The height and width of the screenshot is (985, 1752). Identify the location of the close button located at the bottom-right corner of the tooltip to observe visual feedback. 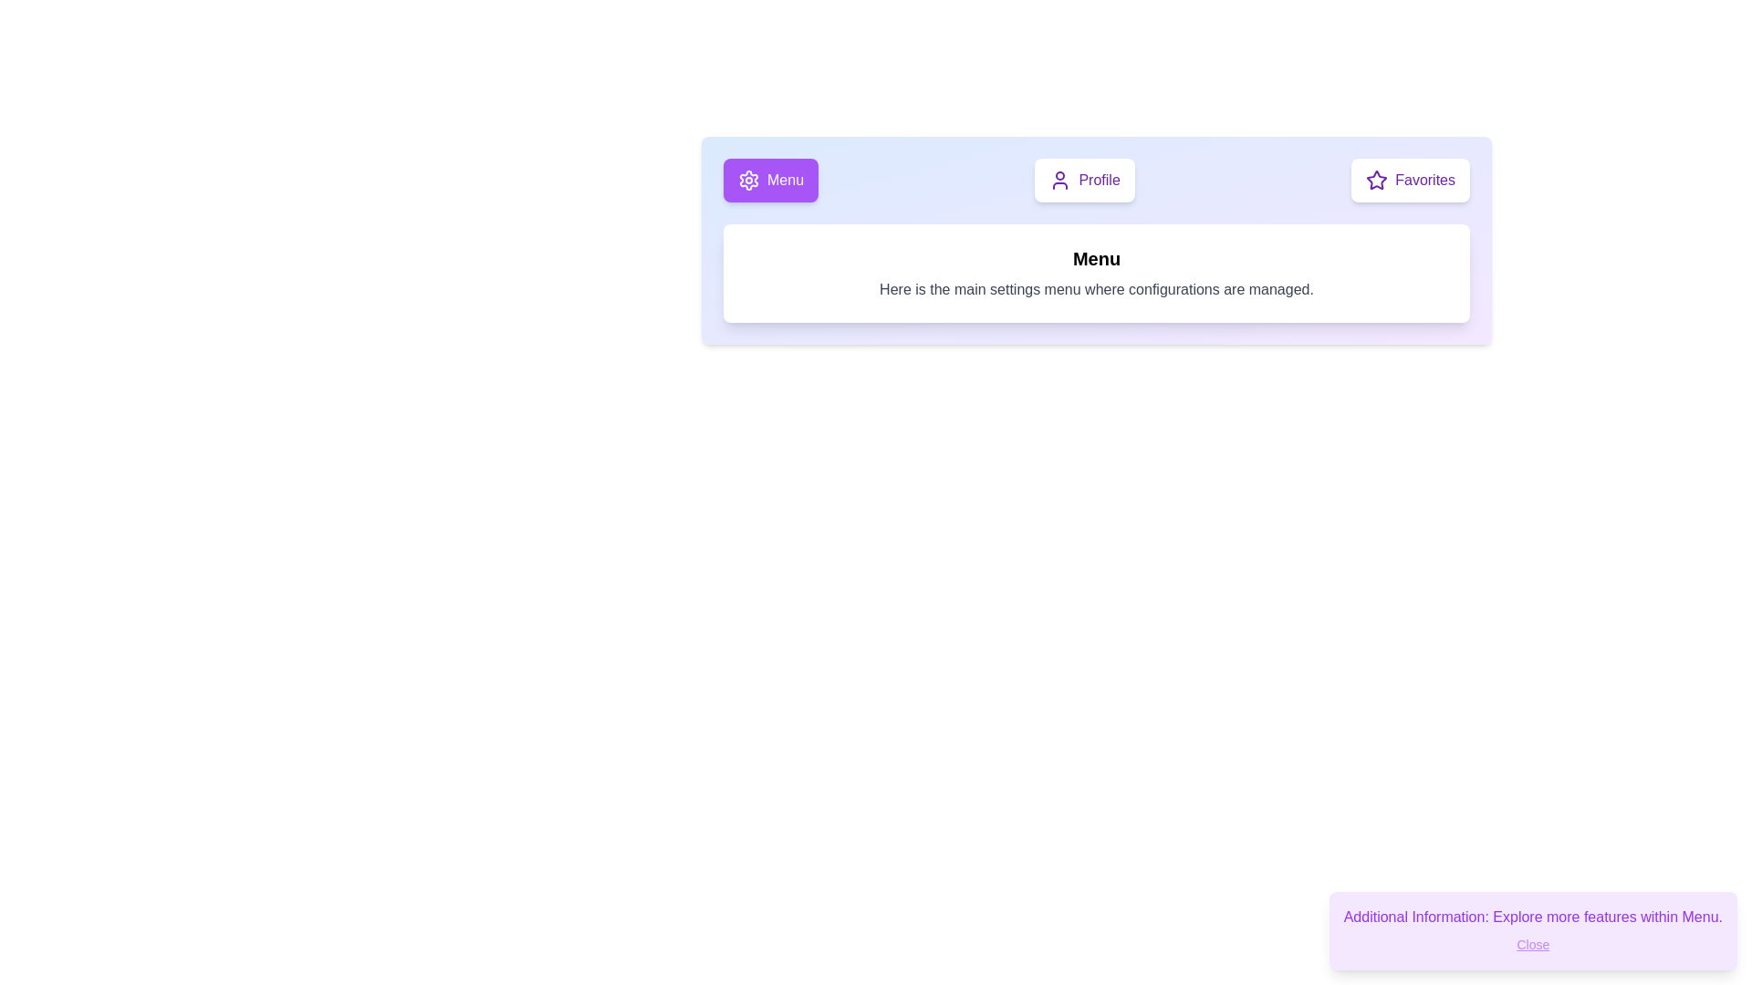
(1533, 944).